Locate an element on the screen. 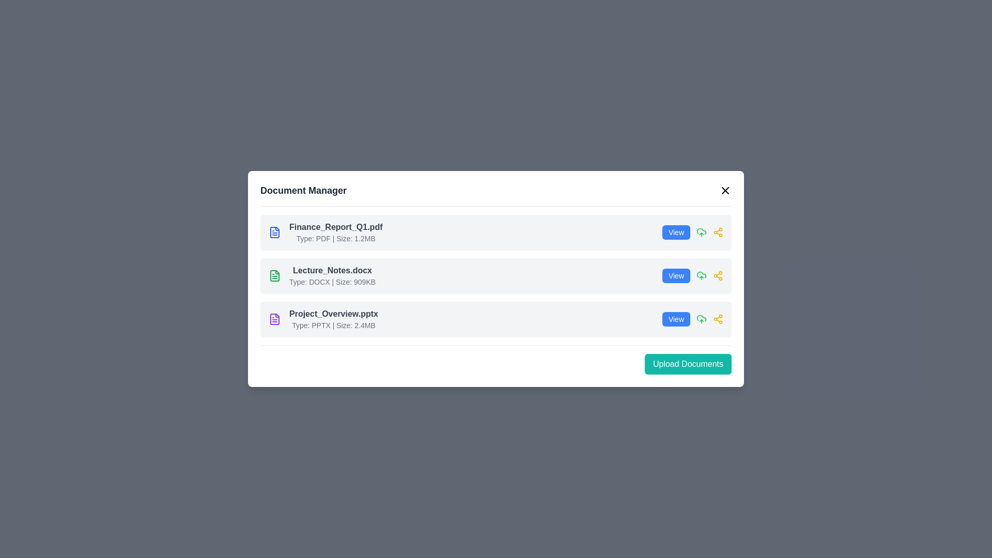 The width and height of the screenshot is (992, 558). the sharing icon button located to the right of the green upload icon in the 'Lecture_Notes.docx' row is located at coordinates (718, 275).